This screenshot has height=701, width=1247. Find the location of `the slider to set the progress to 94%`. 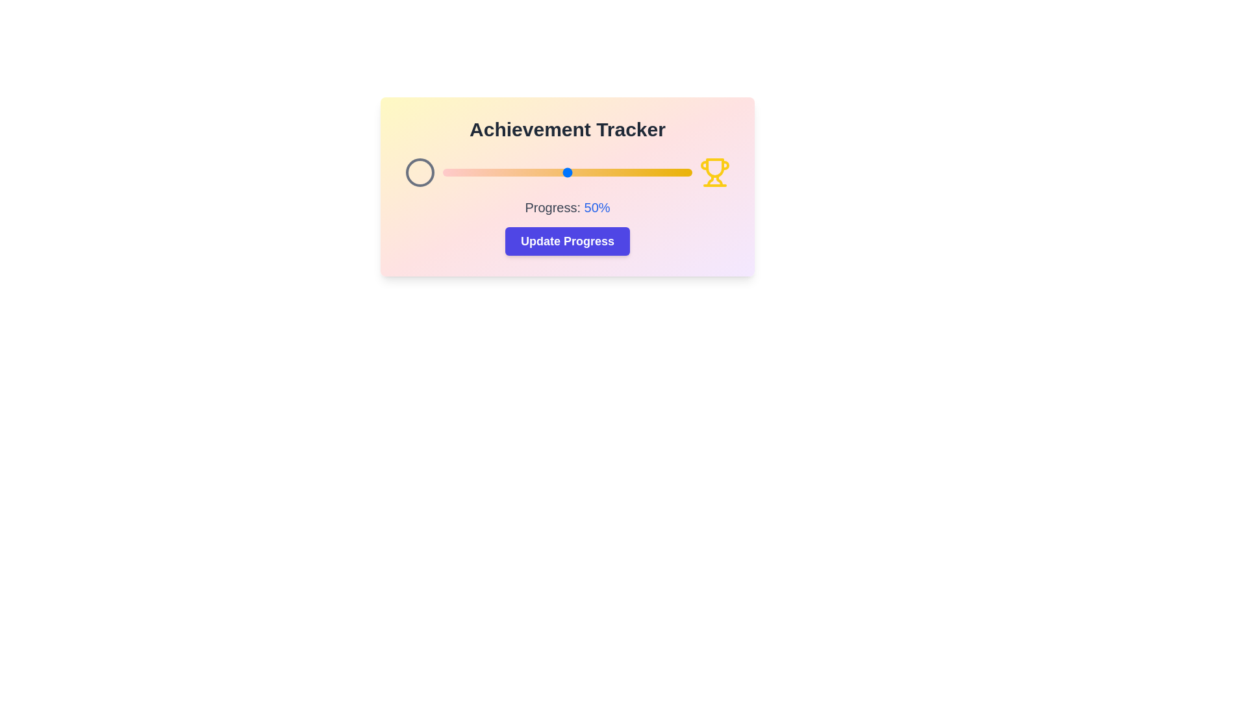

the slider to set the progress to 94% is located at coordinates (676, 172).